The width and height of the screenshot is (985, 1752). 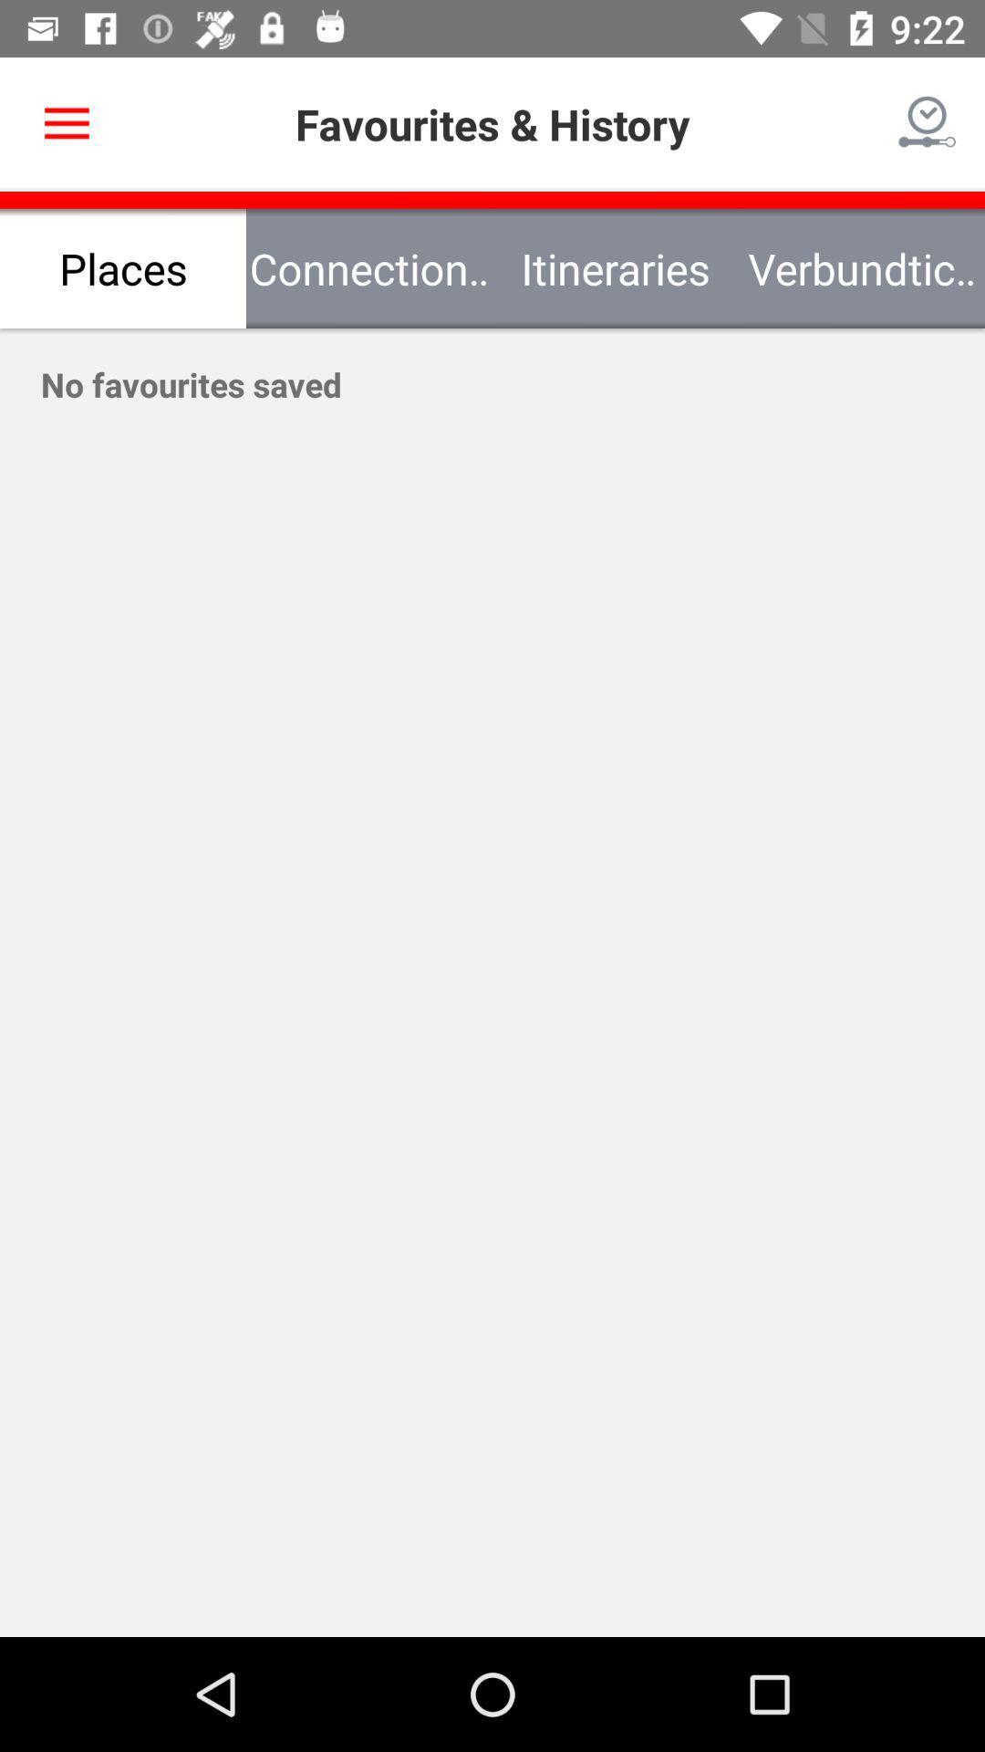 What do you see at coordinates (123, 267) in the screenshot?
I see `the places item` at bounding box center [123, 267].